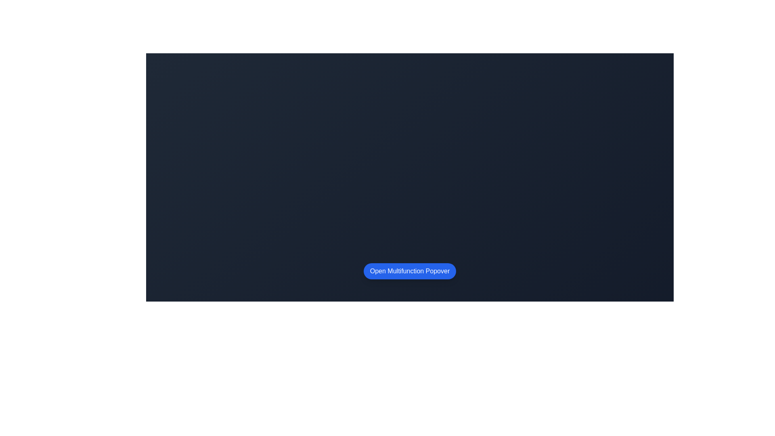  I want to click on the blue, oval-shaped button labeled 'Open Multifunction Popover', so click(410, 271).